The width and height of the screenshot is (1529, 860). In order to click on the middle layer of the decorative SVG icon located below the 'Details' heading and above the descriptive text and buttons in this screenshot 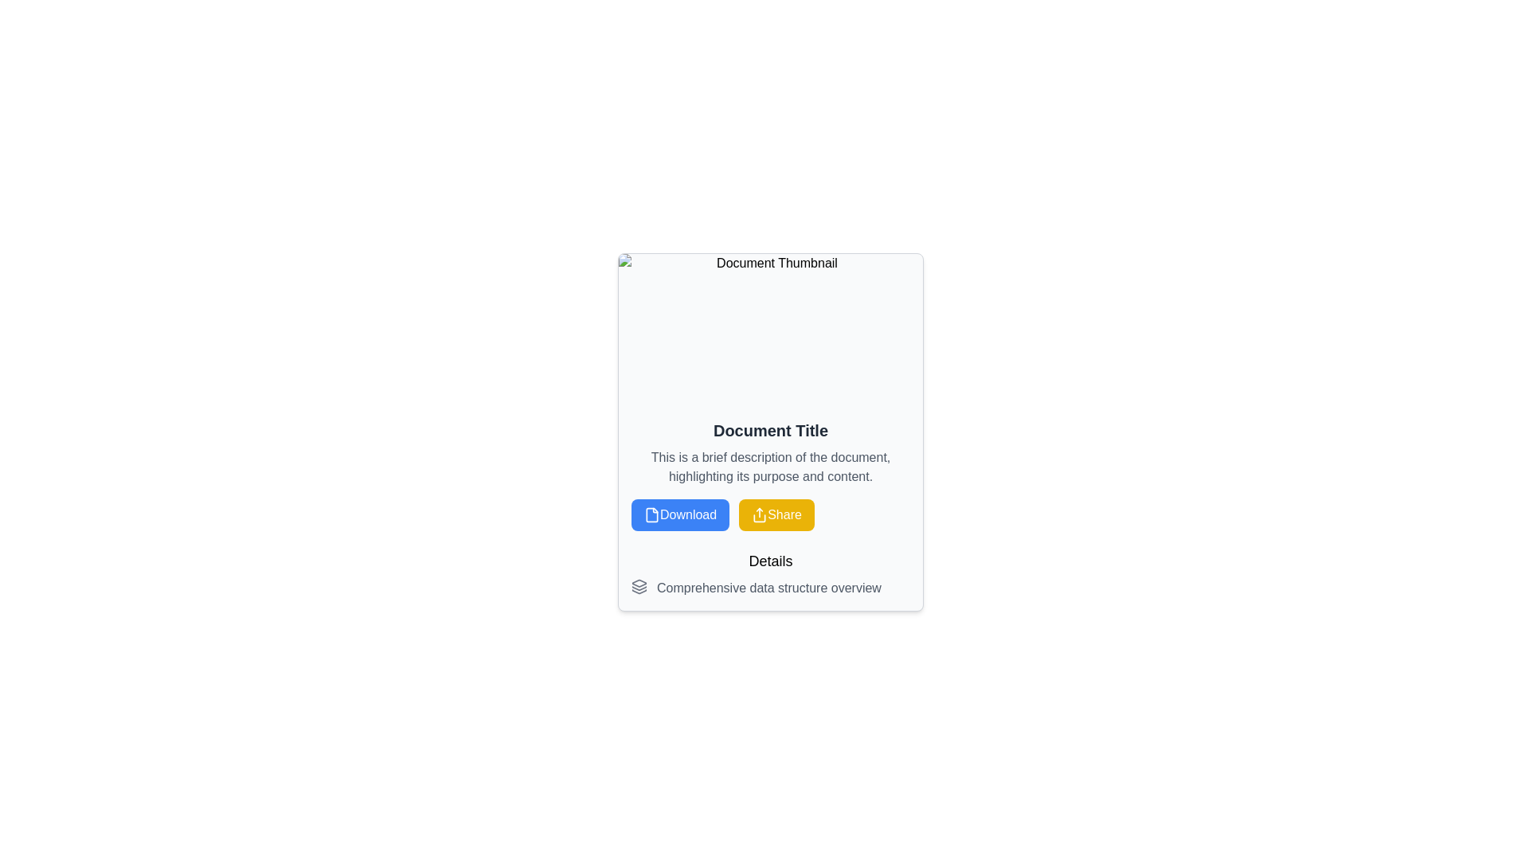, I will do `click(639, 588)`.